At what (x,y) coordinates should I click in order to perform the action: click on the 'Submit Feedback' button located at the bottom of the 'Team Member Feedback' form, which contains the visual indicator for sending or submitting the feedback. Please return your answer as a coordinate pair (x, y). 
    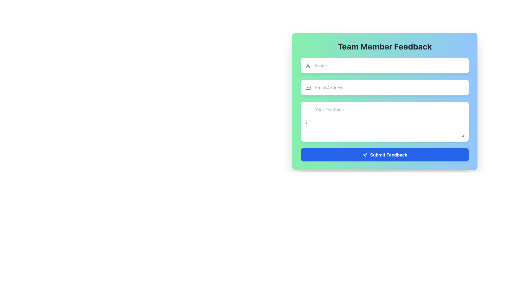
    Looking at the image, I should click on (365, 155).